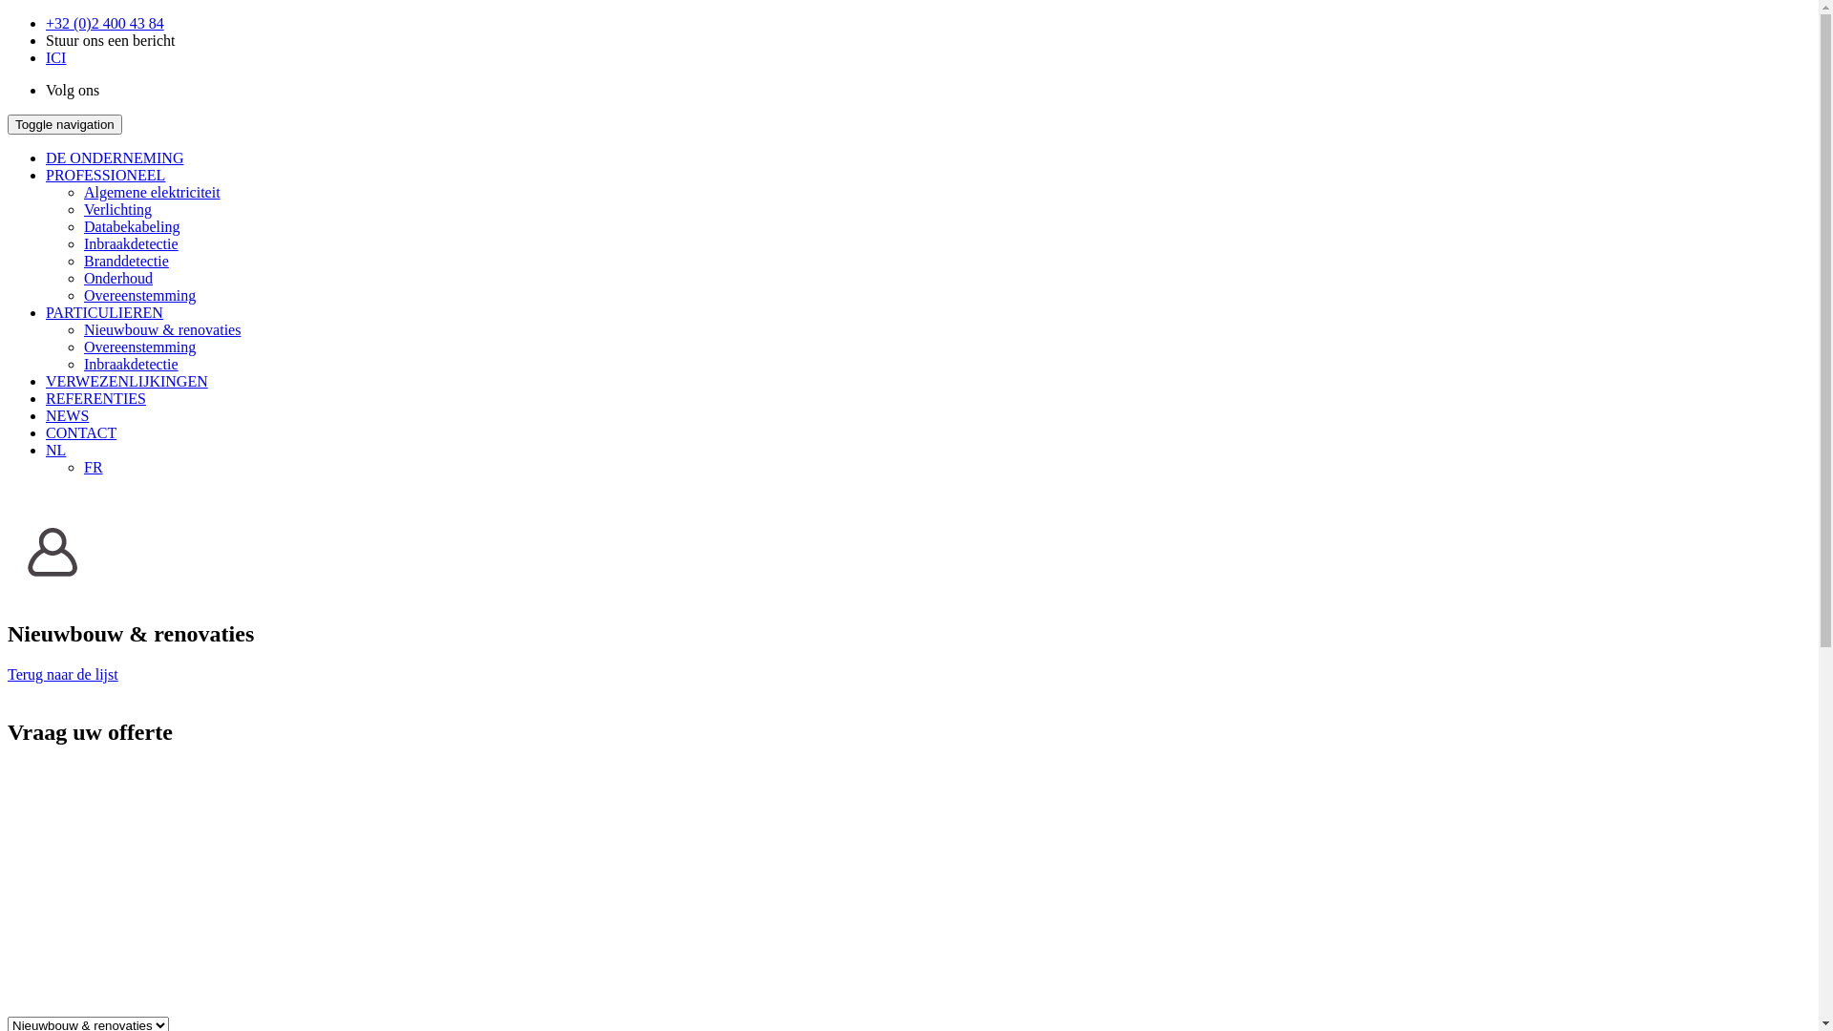 This screenshot has width=1833, height=1031. Describe the element at coordinates (151, 192) in the screenshot. I see `'Algemene elektriciteit'` at that location.